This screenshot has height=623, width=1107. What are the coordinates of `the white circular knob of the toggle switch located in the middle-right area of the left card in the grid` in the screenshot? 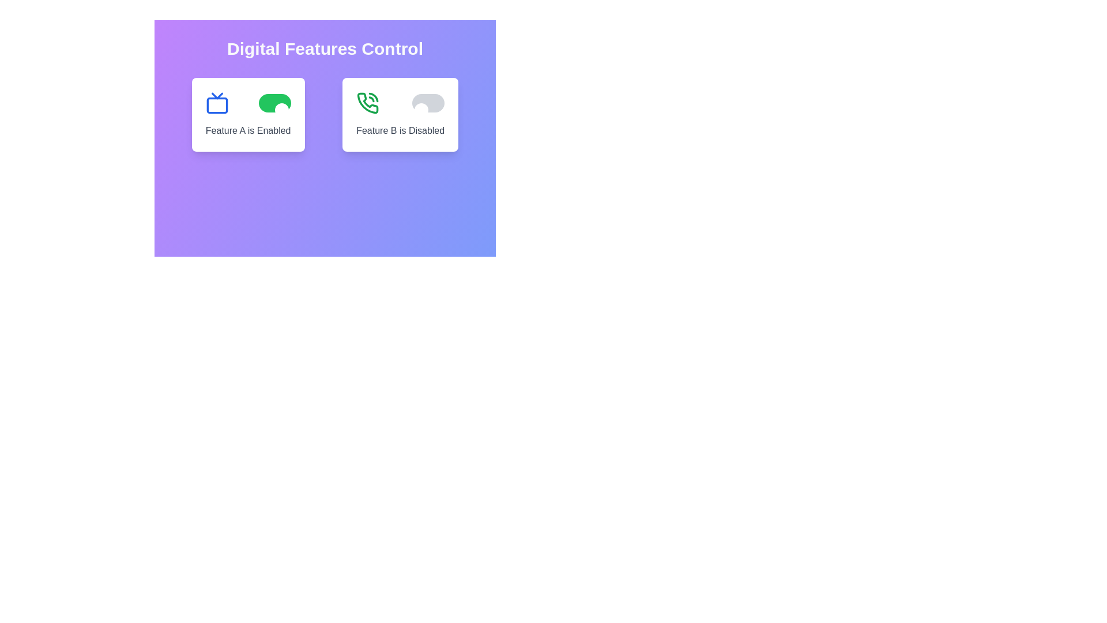 It's located at (274, 102).